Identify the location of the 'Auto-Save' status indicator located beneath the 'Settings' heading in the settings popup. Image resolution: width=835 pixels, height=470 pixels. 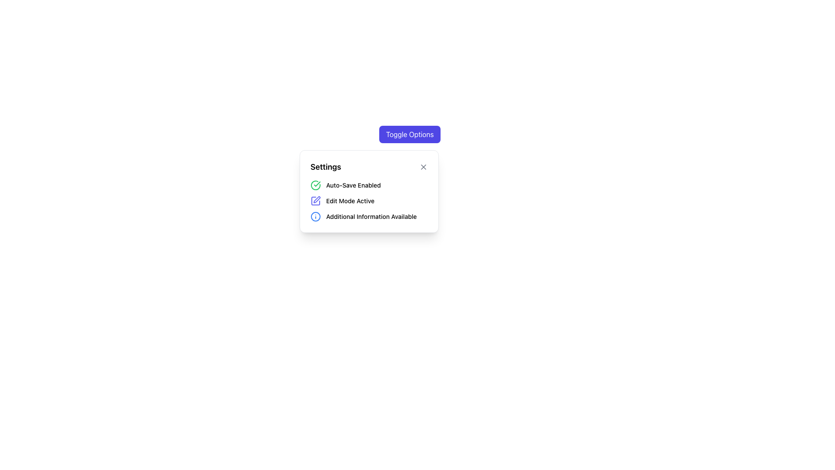
(369, 185).